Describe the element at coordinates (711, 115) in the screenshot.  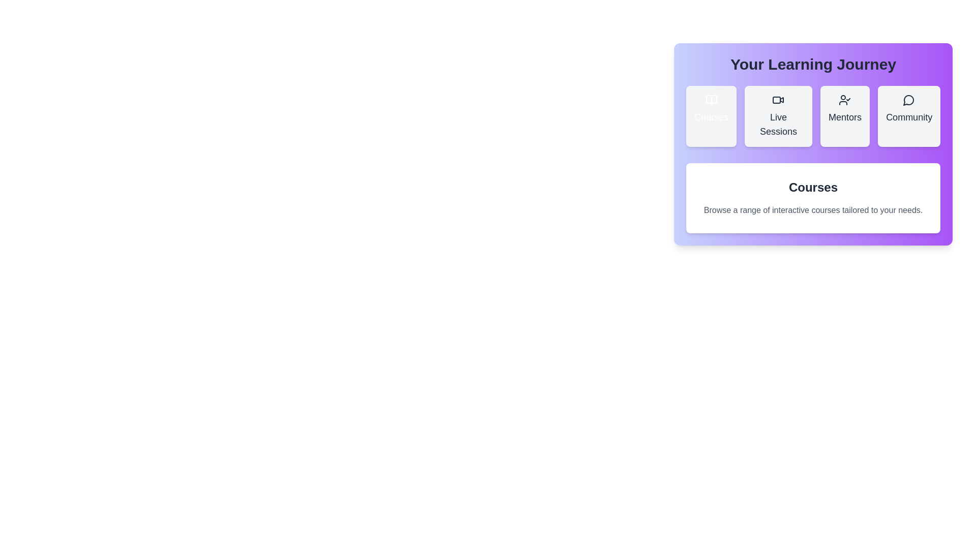
I see `the Courses tab` at that location.